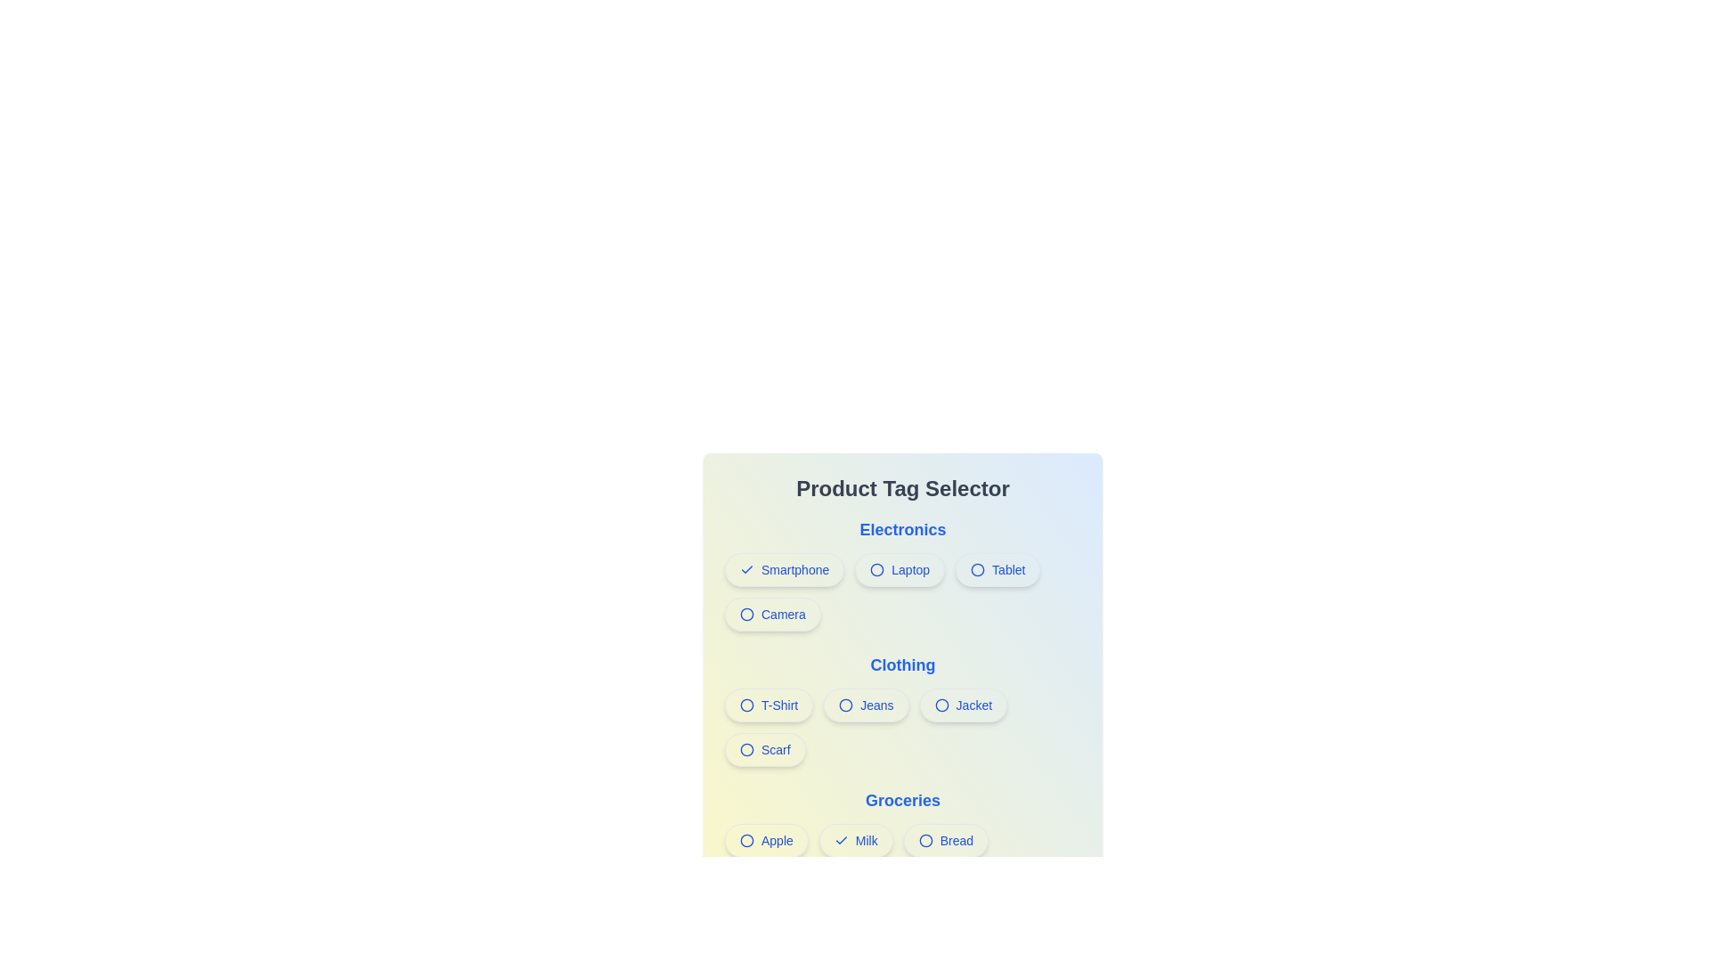  I want to click on the 'Smartphone' category button in the 'Electronics' section, so click(784, 570).